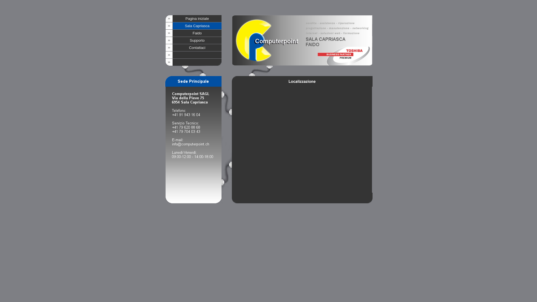  What do you see at coordinates (197, 47) in the screenshot?
I see `'Contattaci'` at bounding box center [197, 47].